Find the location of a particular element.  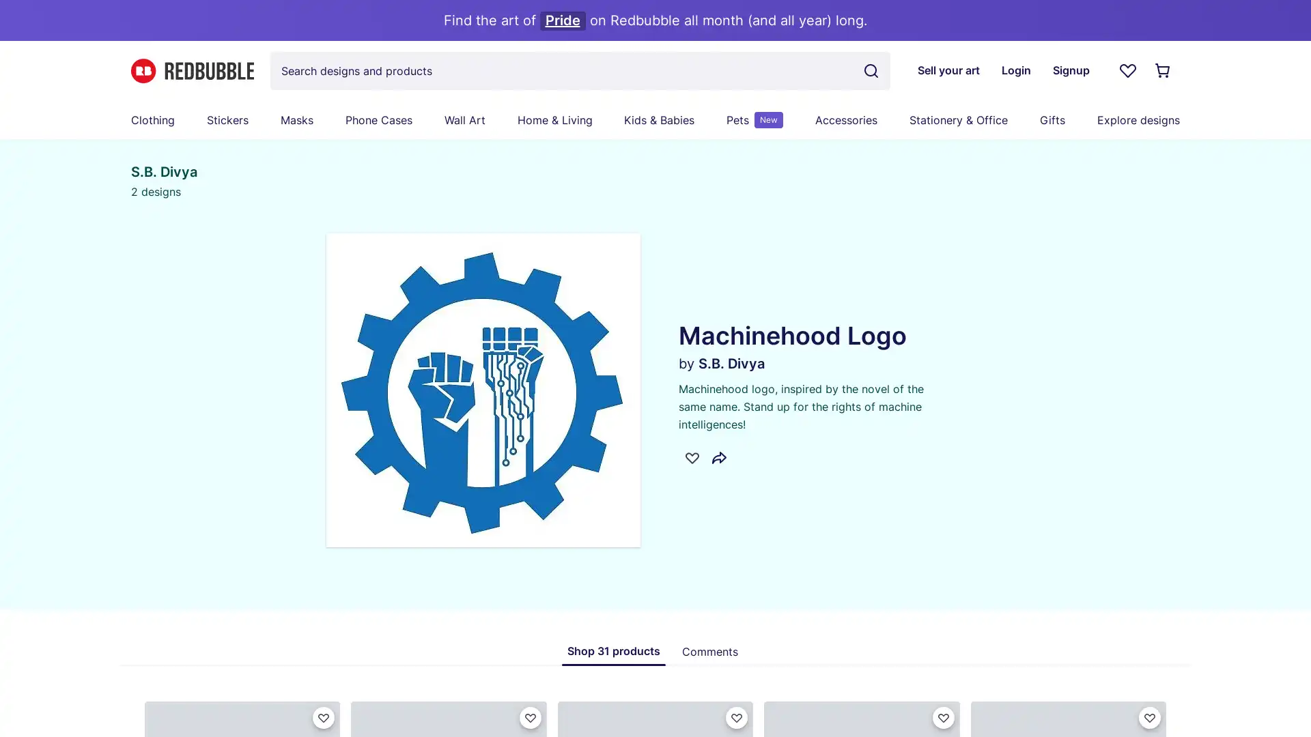

Favorite is located at coordinates (323, 717).